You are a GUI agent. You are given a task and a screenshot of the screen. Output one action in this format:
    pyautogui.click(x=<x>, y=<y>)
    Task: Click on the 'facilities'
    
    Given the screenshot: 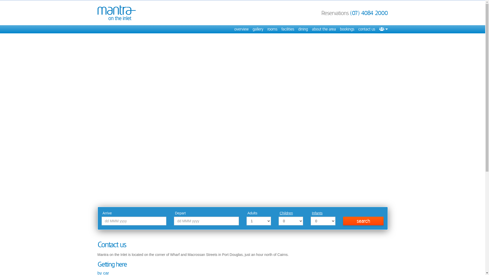 What is the action you would take?
    pyautogui.click(x=287, y=29)
    